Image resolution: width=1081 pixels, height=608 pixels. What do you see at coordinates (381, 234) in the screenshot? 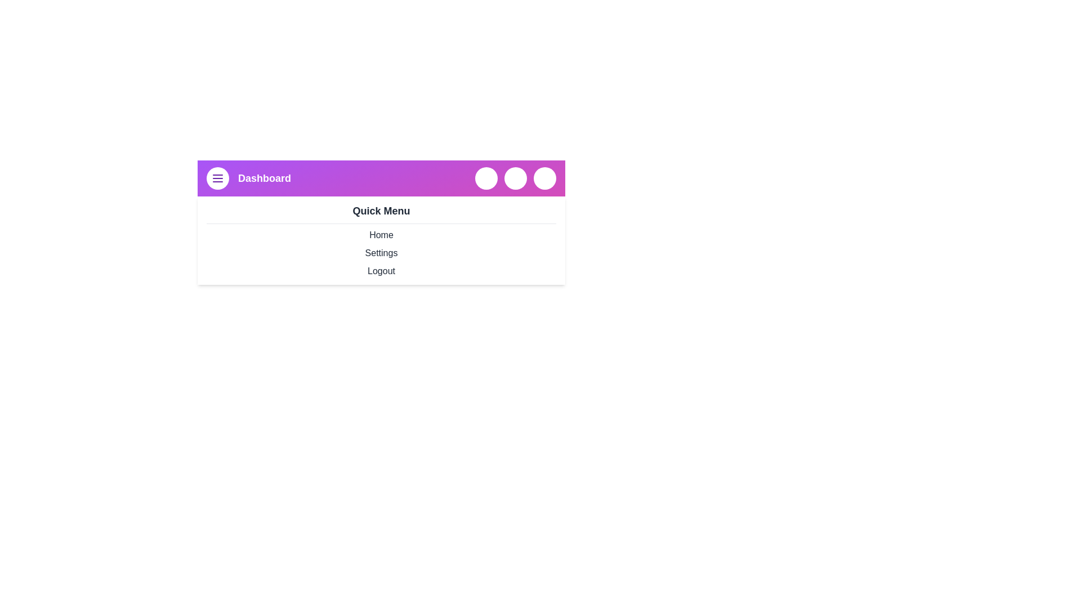
I see `the Home from the Quick Menu` at bounding box center [381, 234].